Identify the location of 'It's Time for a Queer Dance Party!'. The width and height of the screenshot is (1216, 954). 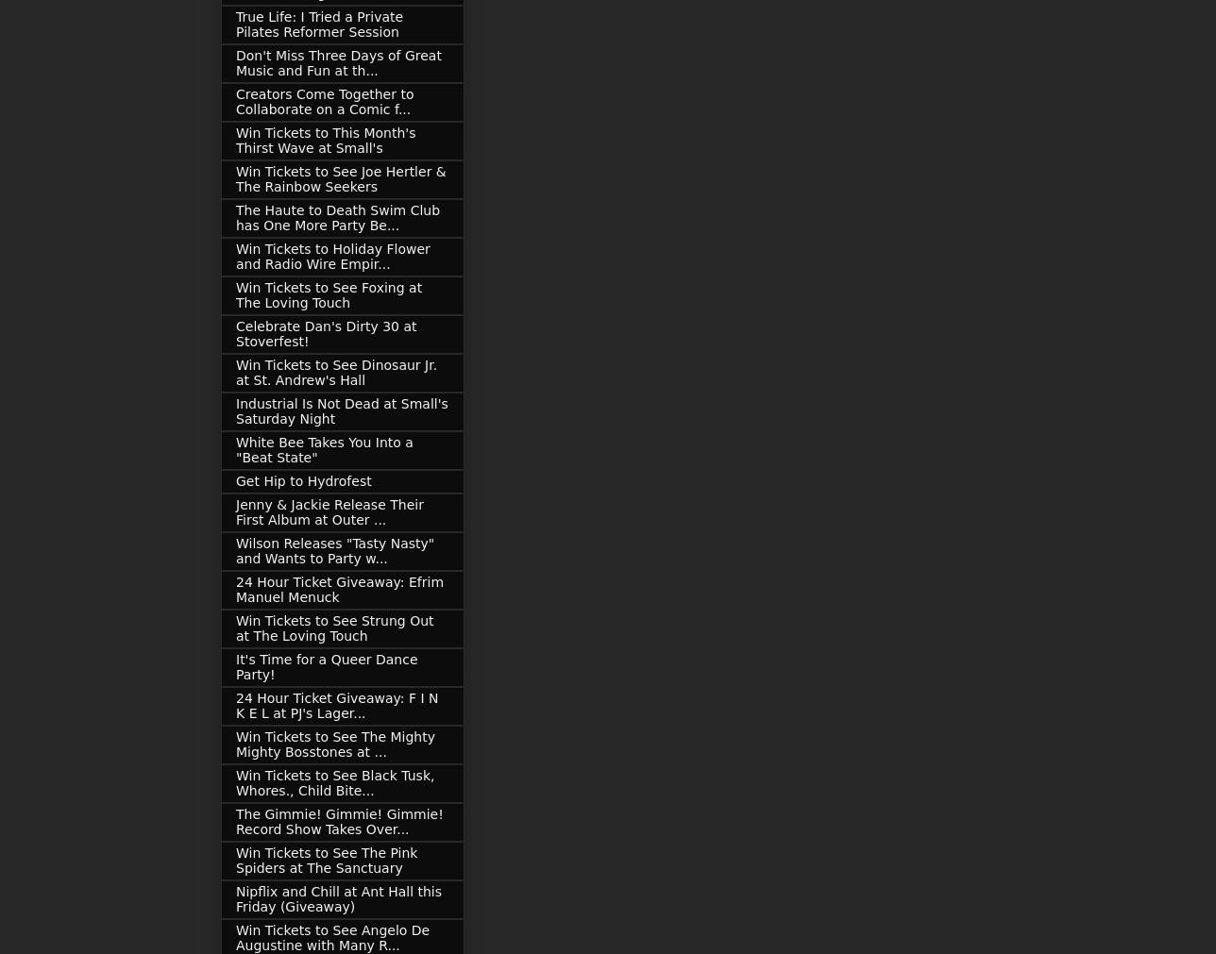
(326, 665).